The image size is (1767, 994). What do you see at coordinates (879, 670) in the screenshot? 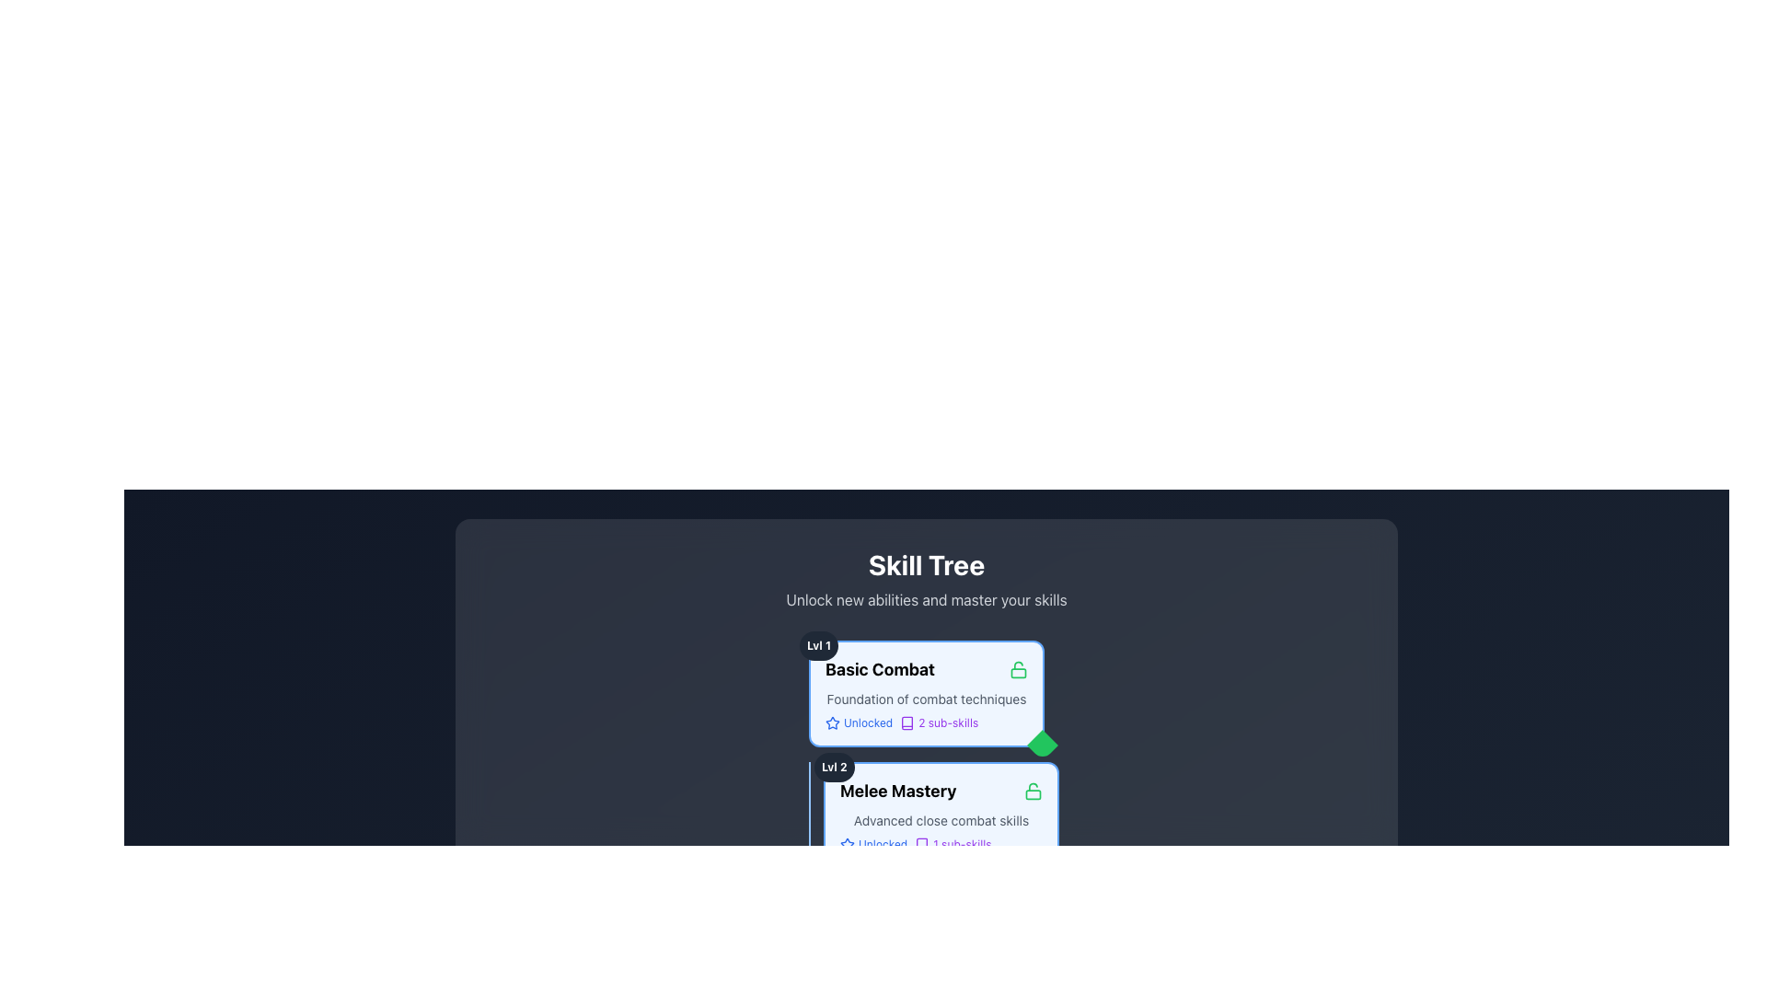
I see `the skill title text label in the Skill Tree interface` at bounding box center [879, 670].